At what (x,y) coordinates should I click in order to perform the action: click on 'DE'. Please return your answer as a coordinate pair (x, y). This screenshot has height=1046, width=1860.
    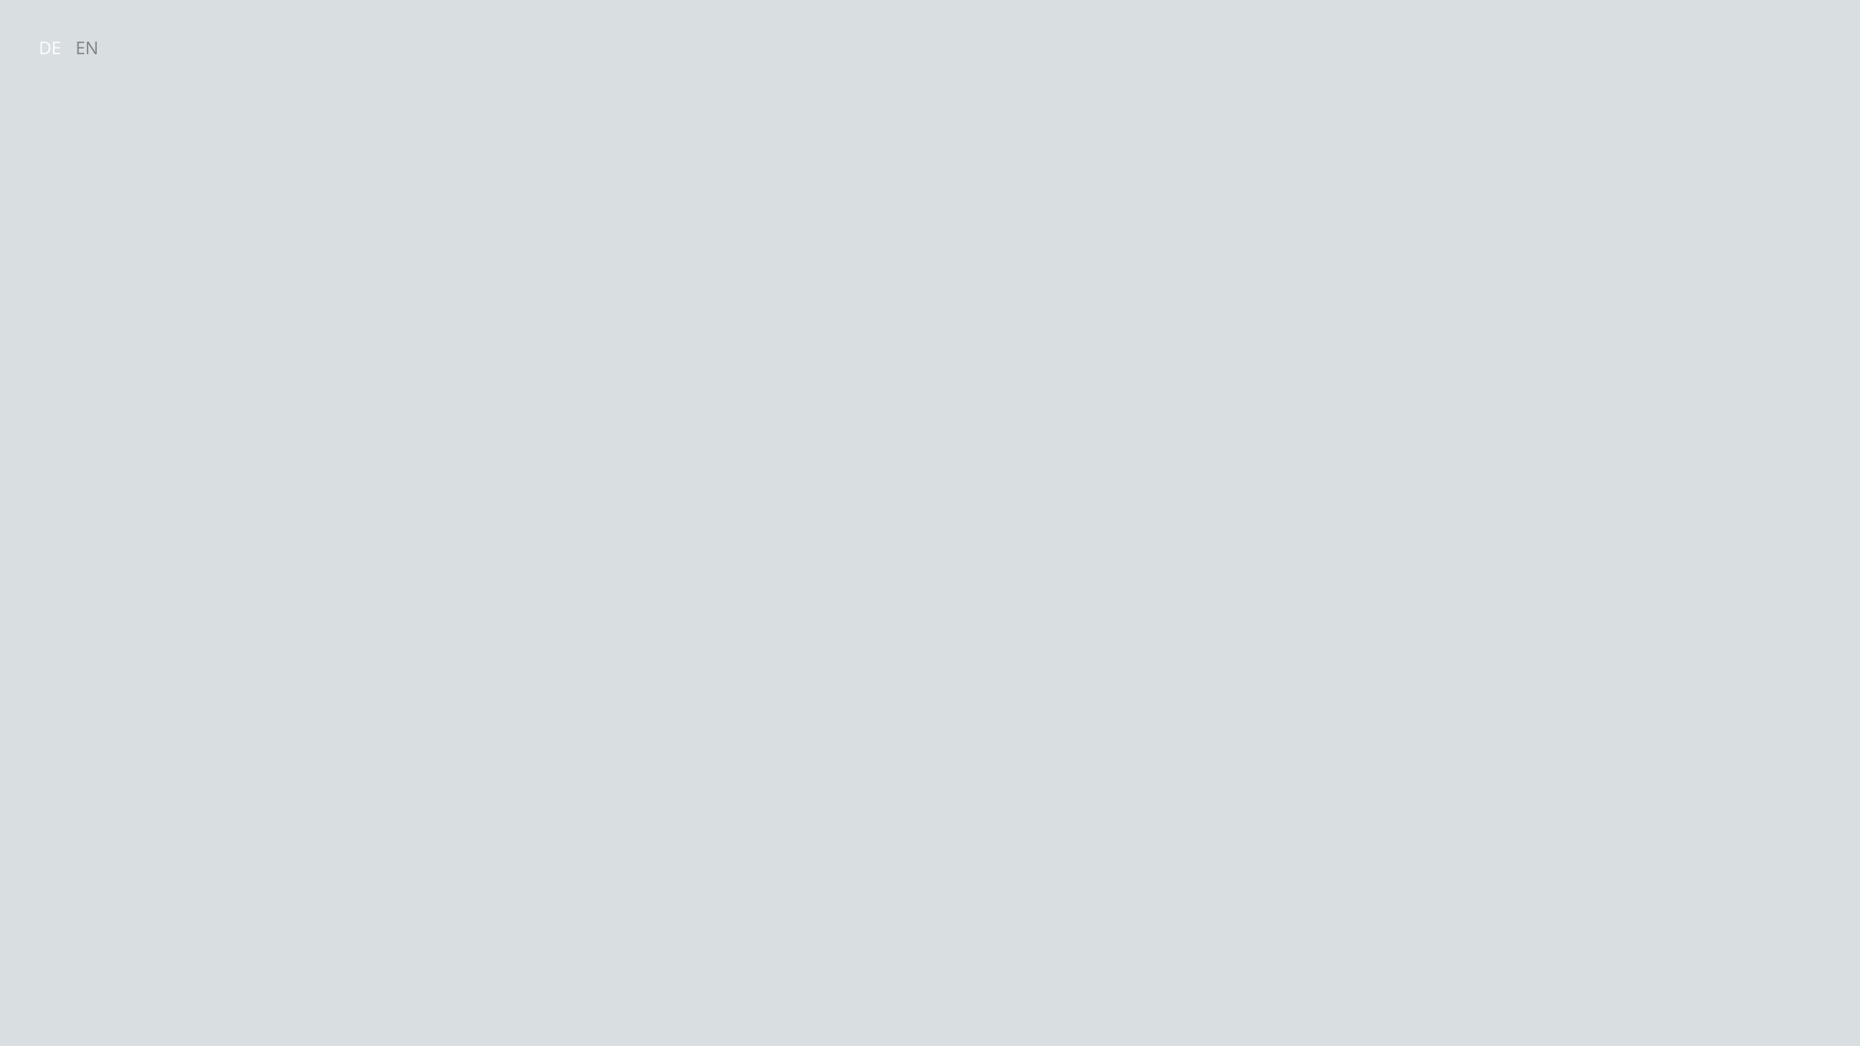
    Looking at the image, I should click on (38, 46).